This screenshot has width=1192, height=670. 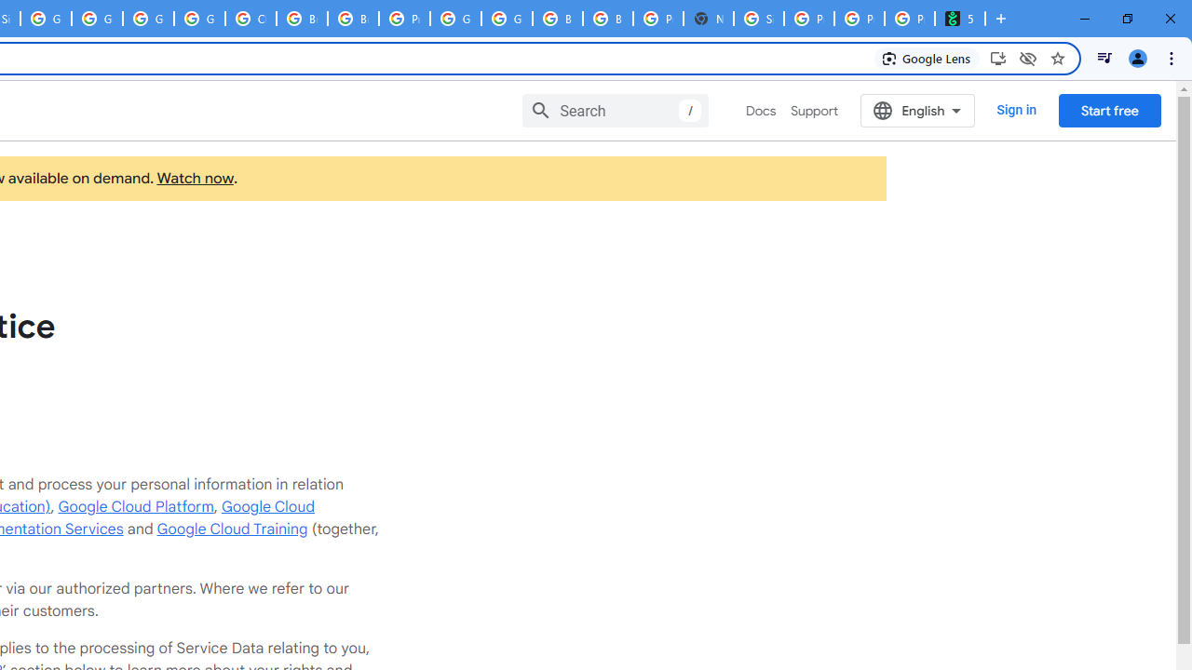 What do you see at coordinates (927, 57) in the screenshot?
I see `'Search with Google Lens'` at bounding box center [927, 57].